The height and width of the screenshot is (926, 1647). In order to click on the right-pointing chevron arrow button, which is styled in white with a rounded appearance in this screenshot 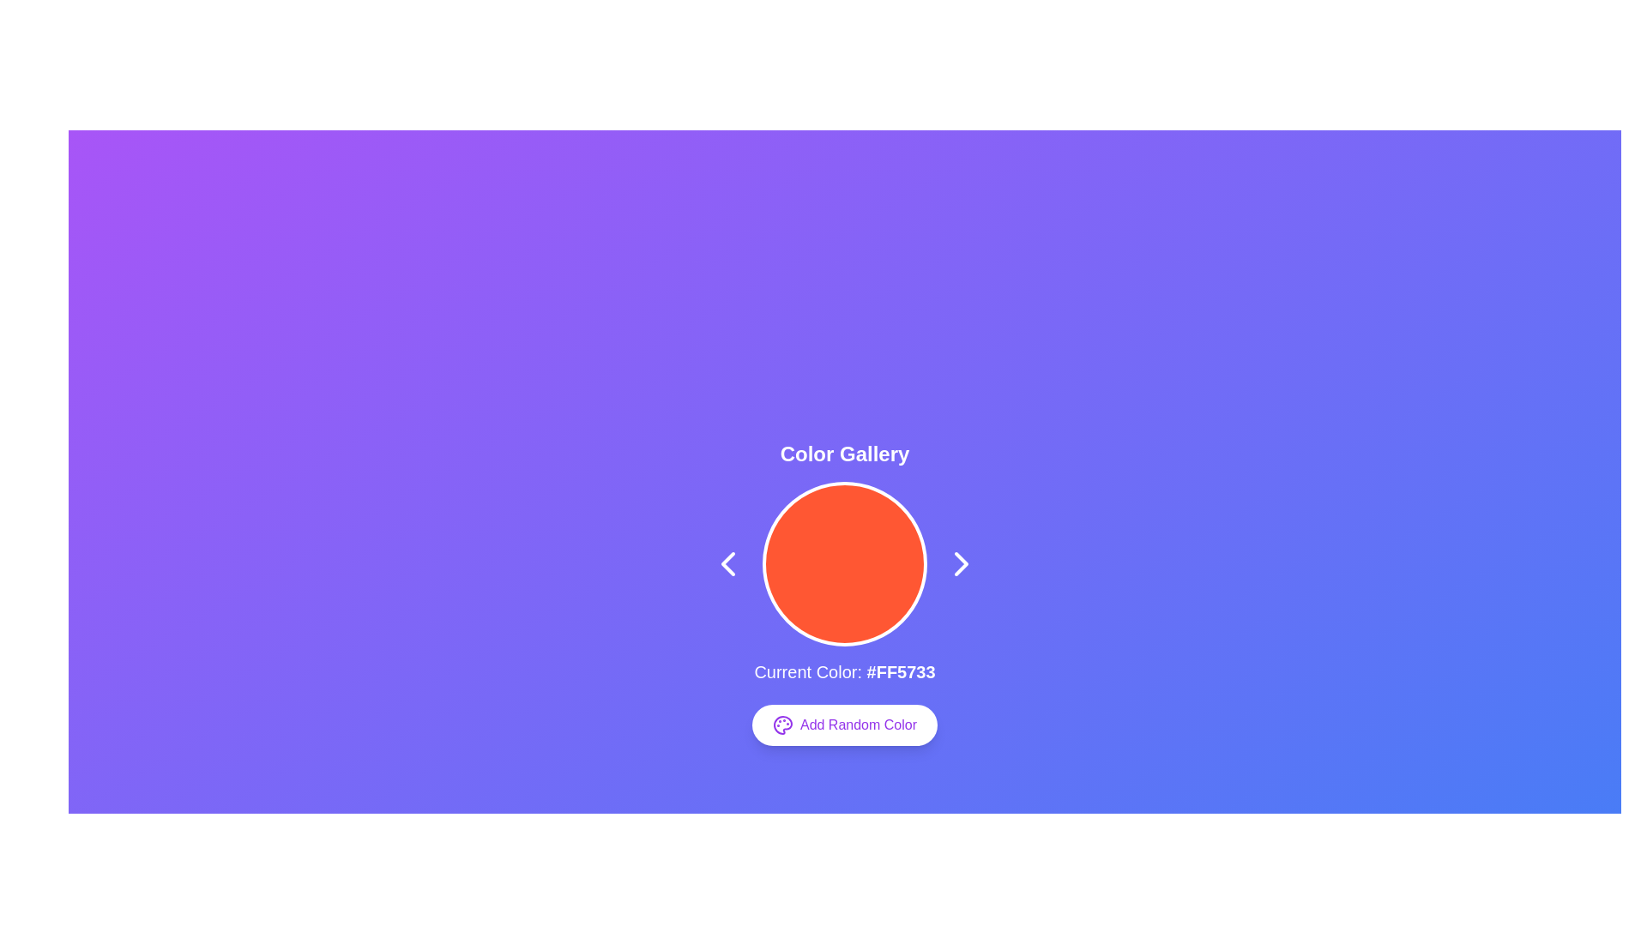, I will do `click(962, 564)`.